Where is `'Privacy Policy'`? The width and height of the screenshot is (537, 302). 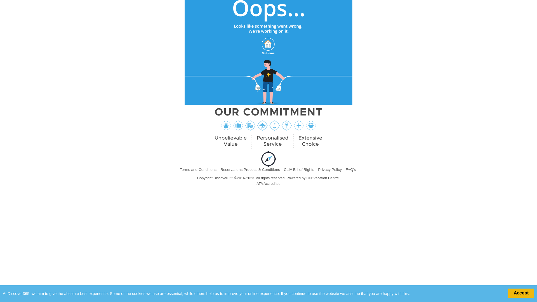
'Privacy Policy' is located at coordinates (330, 169).